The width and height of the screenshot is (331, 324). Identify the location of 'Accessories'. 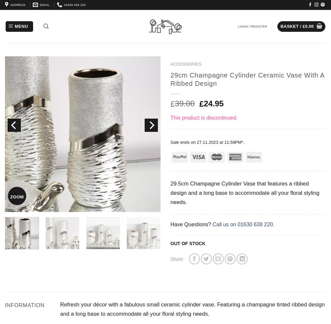
(186, 64).